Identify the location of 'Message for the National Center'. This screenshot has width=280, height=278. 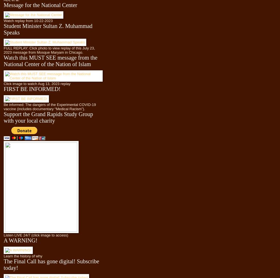
(40, 5).